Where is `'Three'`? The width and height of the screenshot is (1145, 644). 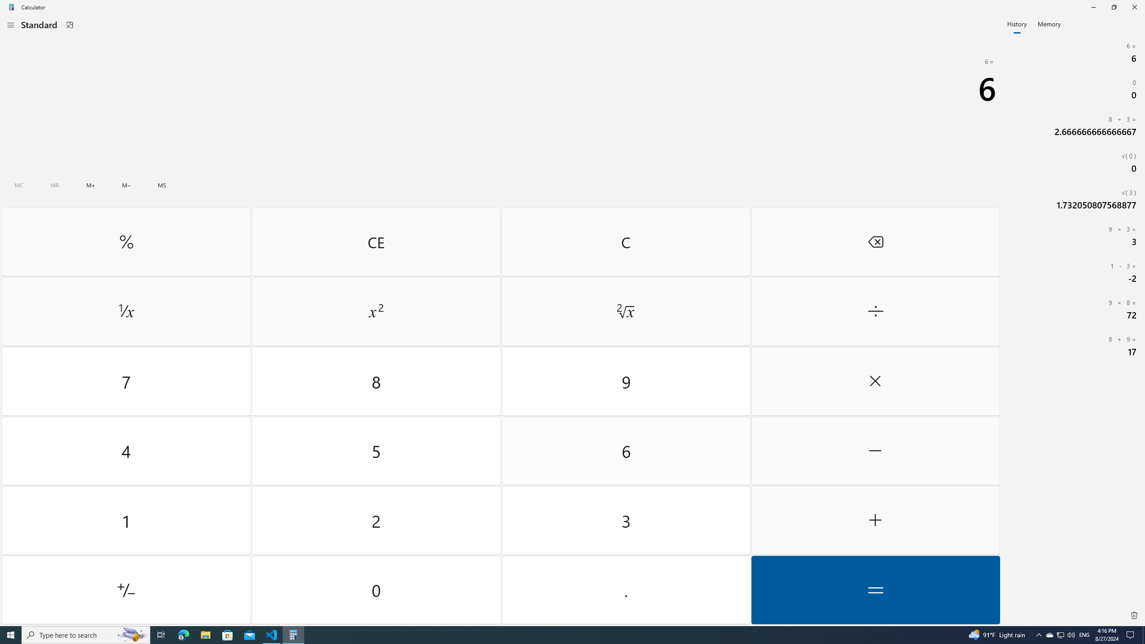
'Three' is located at coordinates (625, 521).